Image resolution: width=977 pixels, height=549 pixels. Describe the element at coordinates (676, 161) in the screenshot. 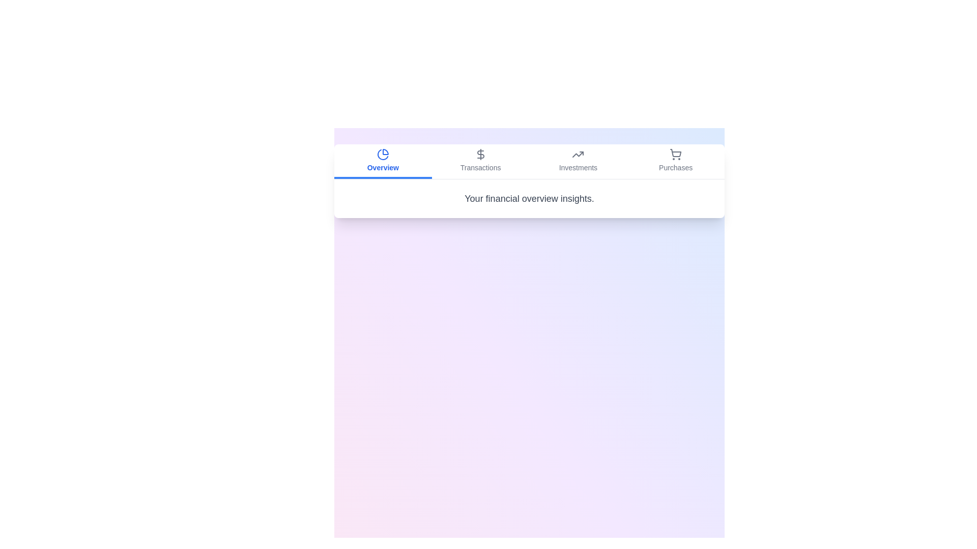

I see `the Purchases tab by clicking on it` at that location.